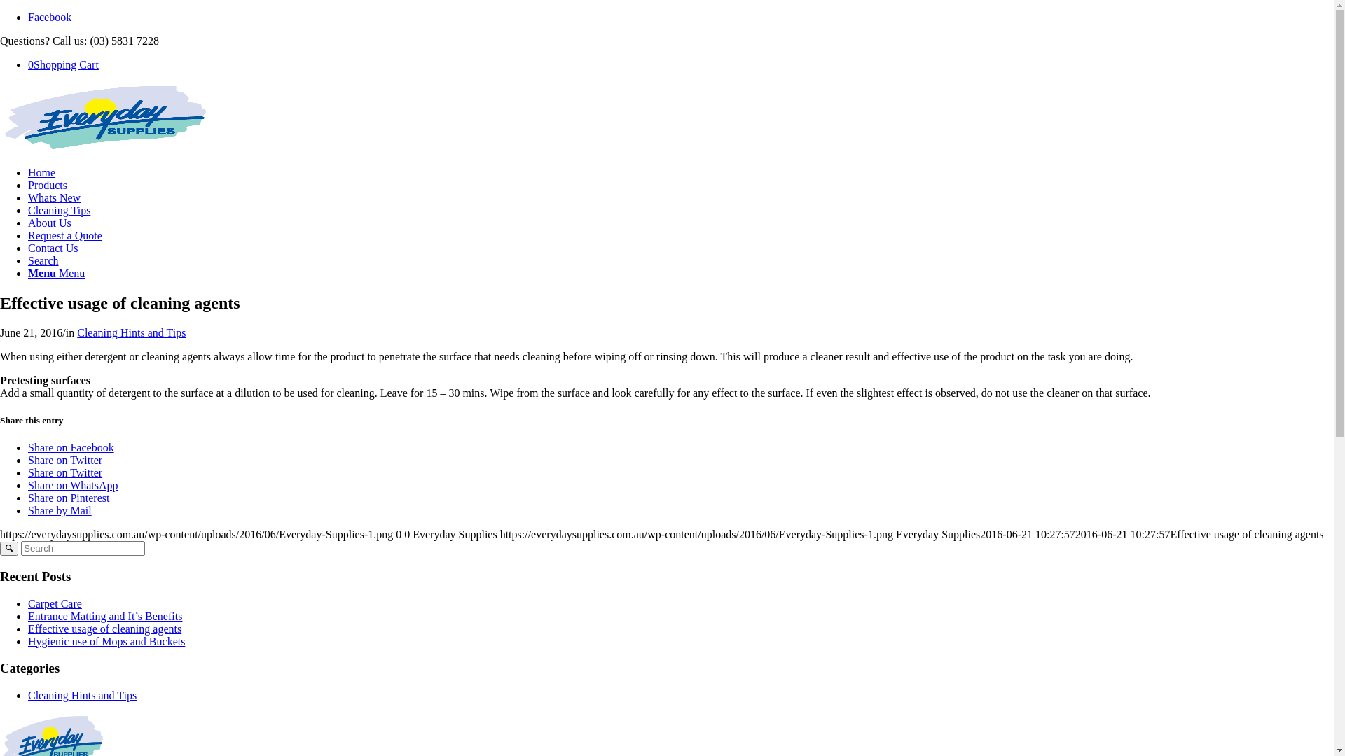  Describe the element at coordinates (72, 484) in the screenshot. I see `'Share on WhatsApp'` at that location.